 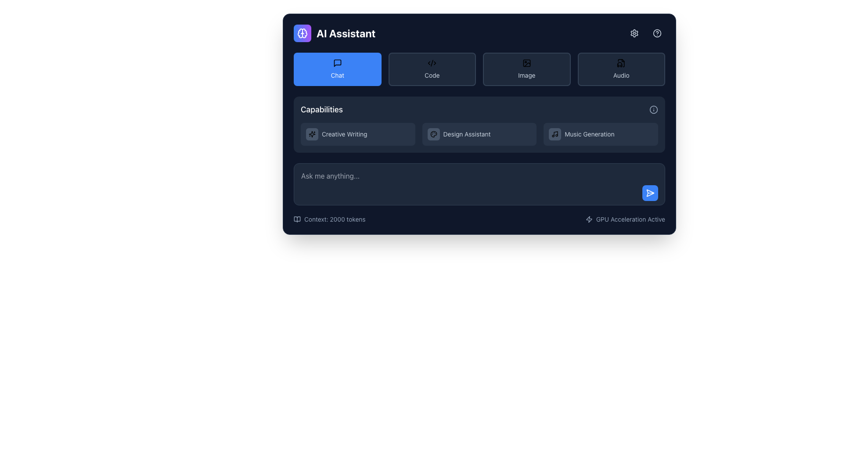 I want to click on the graphic icon or logo located in the upper-left corner of the interface, which serves as a visual indicator or branding element, so click(x=299, y=32).